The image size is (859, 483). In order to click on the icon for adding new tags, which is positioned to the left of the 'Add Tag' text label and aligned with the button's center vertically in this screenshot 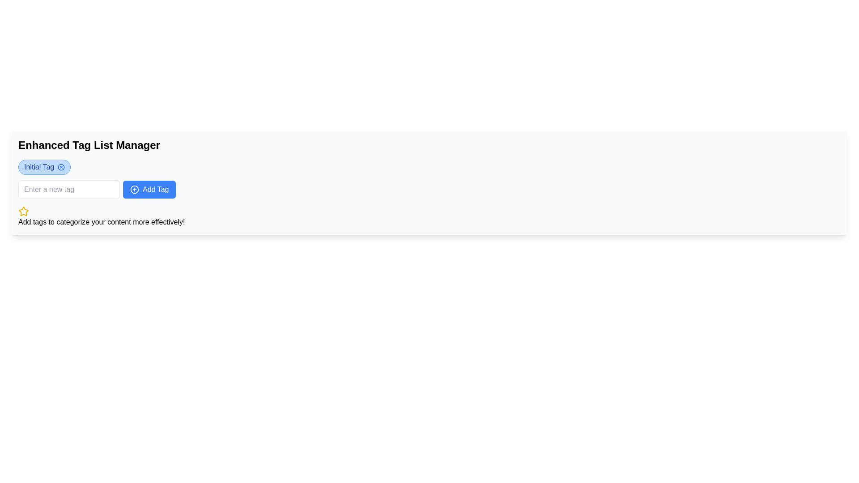, I will do `click(134, 189)`.